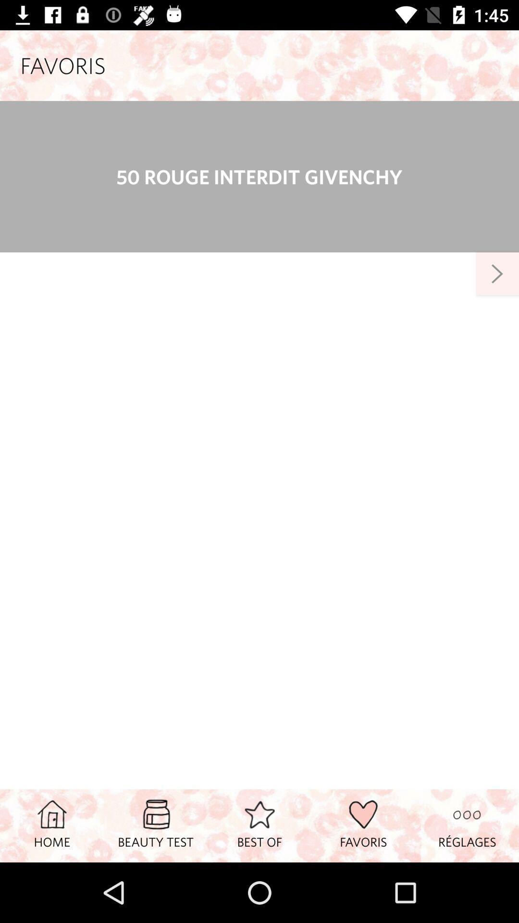  Describe the element at coordinates (467, 825) in the screenshot. I see `item to the right of the favoris item` at that location.